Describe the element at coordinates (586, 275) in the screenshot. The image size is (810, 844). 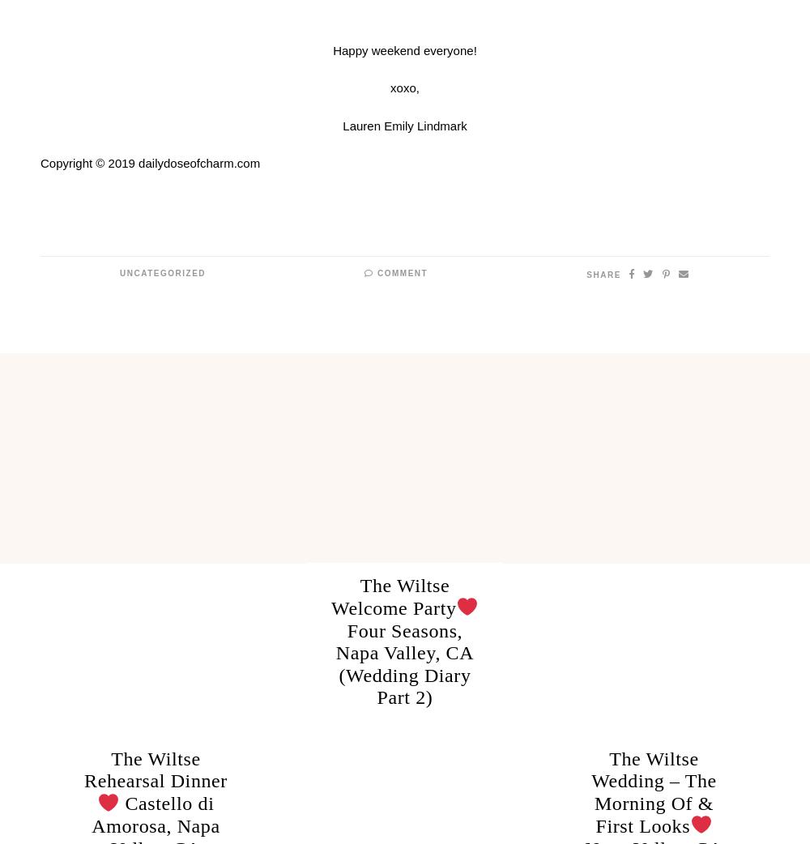
I see `'Share'` at that location.